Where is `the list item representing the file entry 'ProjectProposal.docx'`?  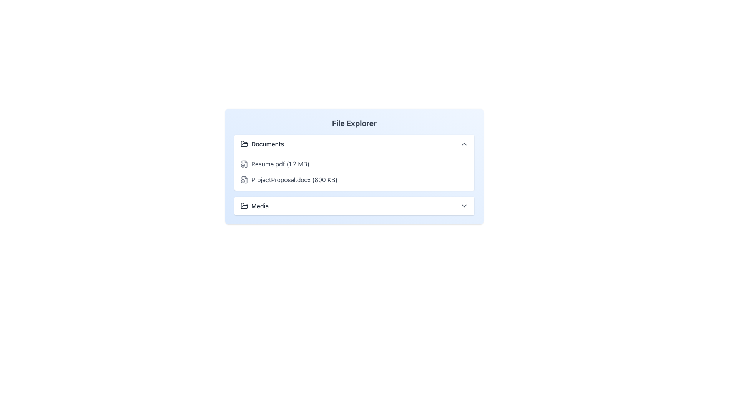 the list item representing the file entry 'ProjectProposal.docx' is located at coordinates (354, 179).